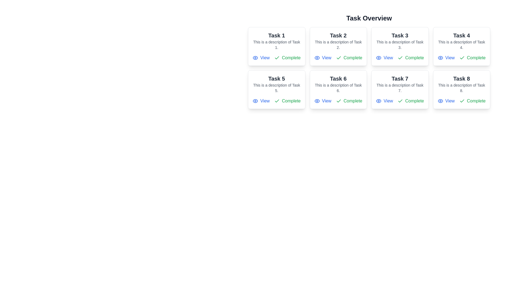  Describe the element at coordinates (338, 79) in the screenshot. I see `the text element that serves as the title for 'Task 6', located in the second row and second column of the grid layout` at that location.